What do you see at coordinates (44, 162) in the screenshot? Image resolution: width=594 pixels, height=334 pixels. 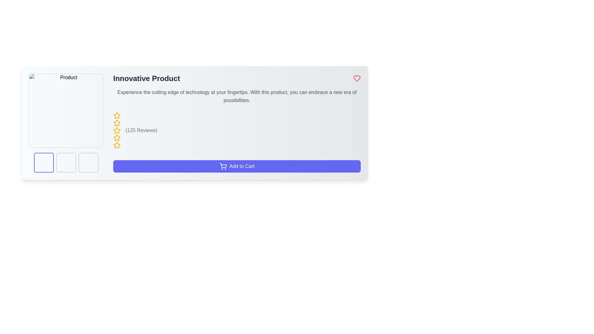 I see `the first square-shaped button with a blue border in the product information section` at bounding box center [44, 162].